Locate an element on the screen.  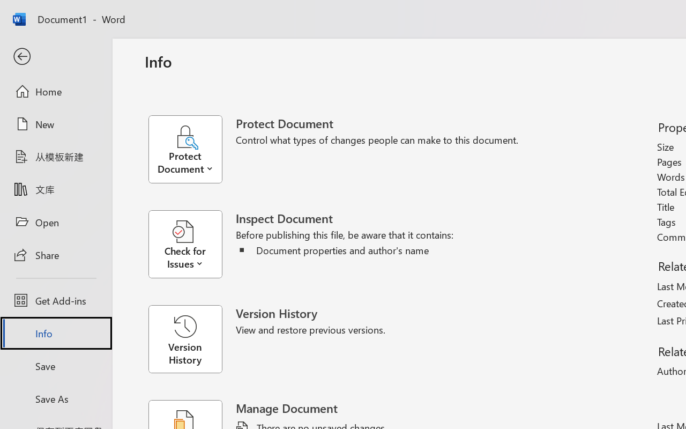
'Version History' is located at coordinates (185, 339).